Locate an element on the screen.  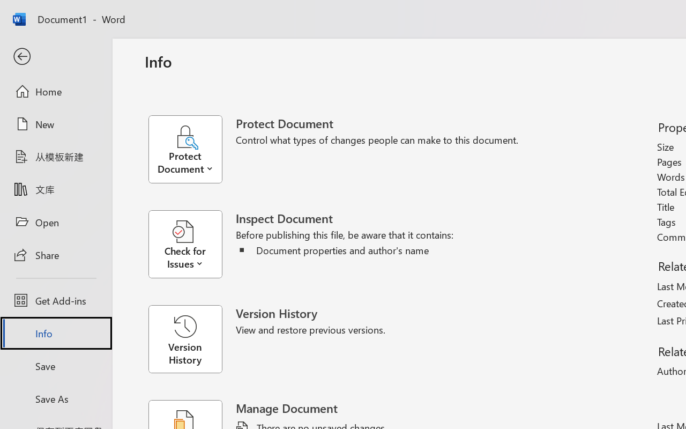
'Version History' is located at coordinates (185, 339).